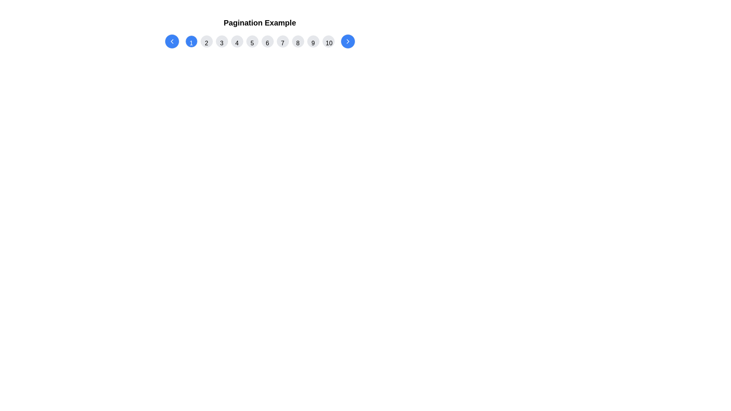 Image resolution: width=731 pixels, height=411 pixels. I want to click on the chevron icon located within the circular button at the far-right end of the horizontal pagination bar to receive visual feedback, so click(347, 41).